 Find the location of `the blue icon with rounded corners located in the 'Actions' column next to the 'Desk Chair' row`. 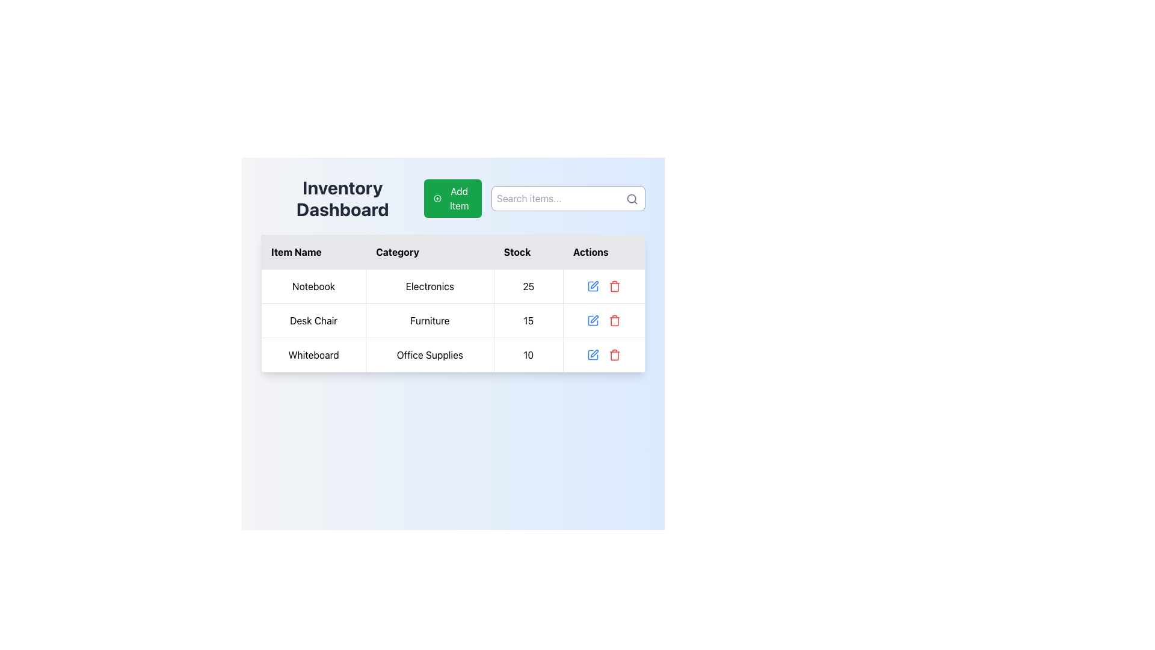

the blue icon with rounded corners located in the 'Actions' column next to the 'Desk Chair' row is located at coordinates (593, 320).